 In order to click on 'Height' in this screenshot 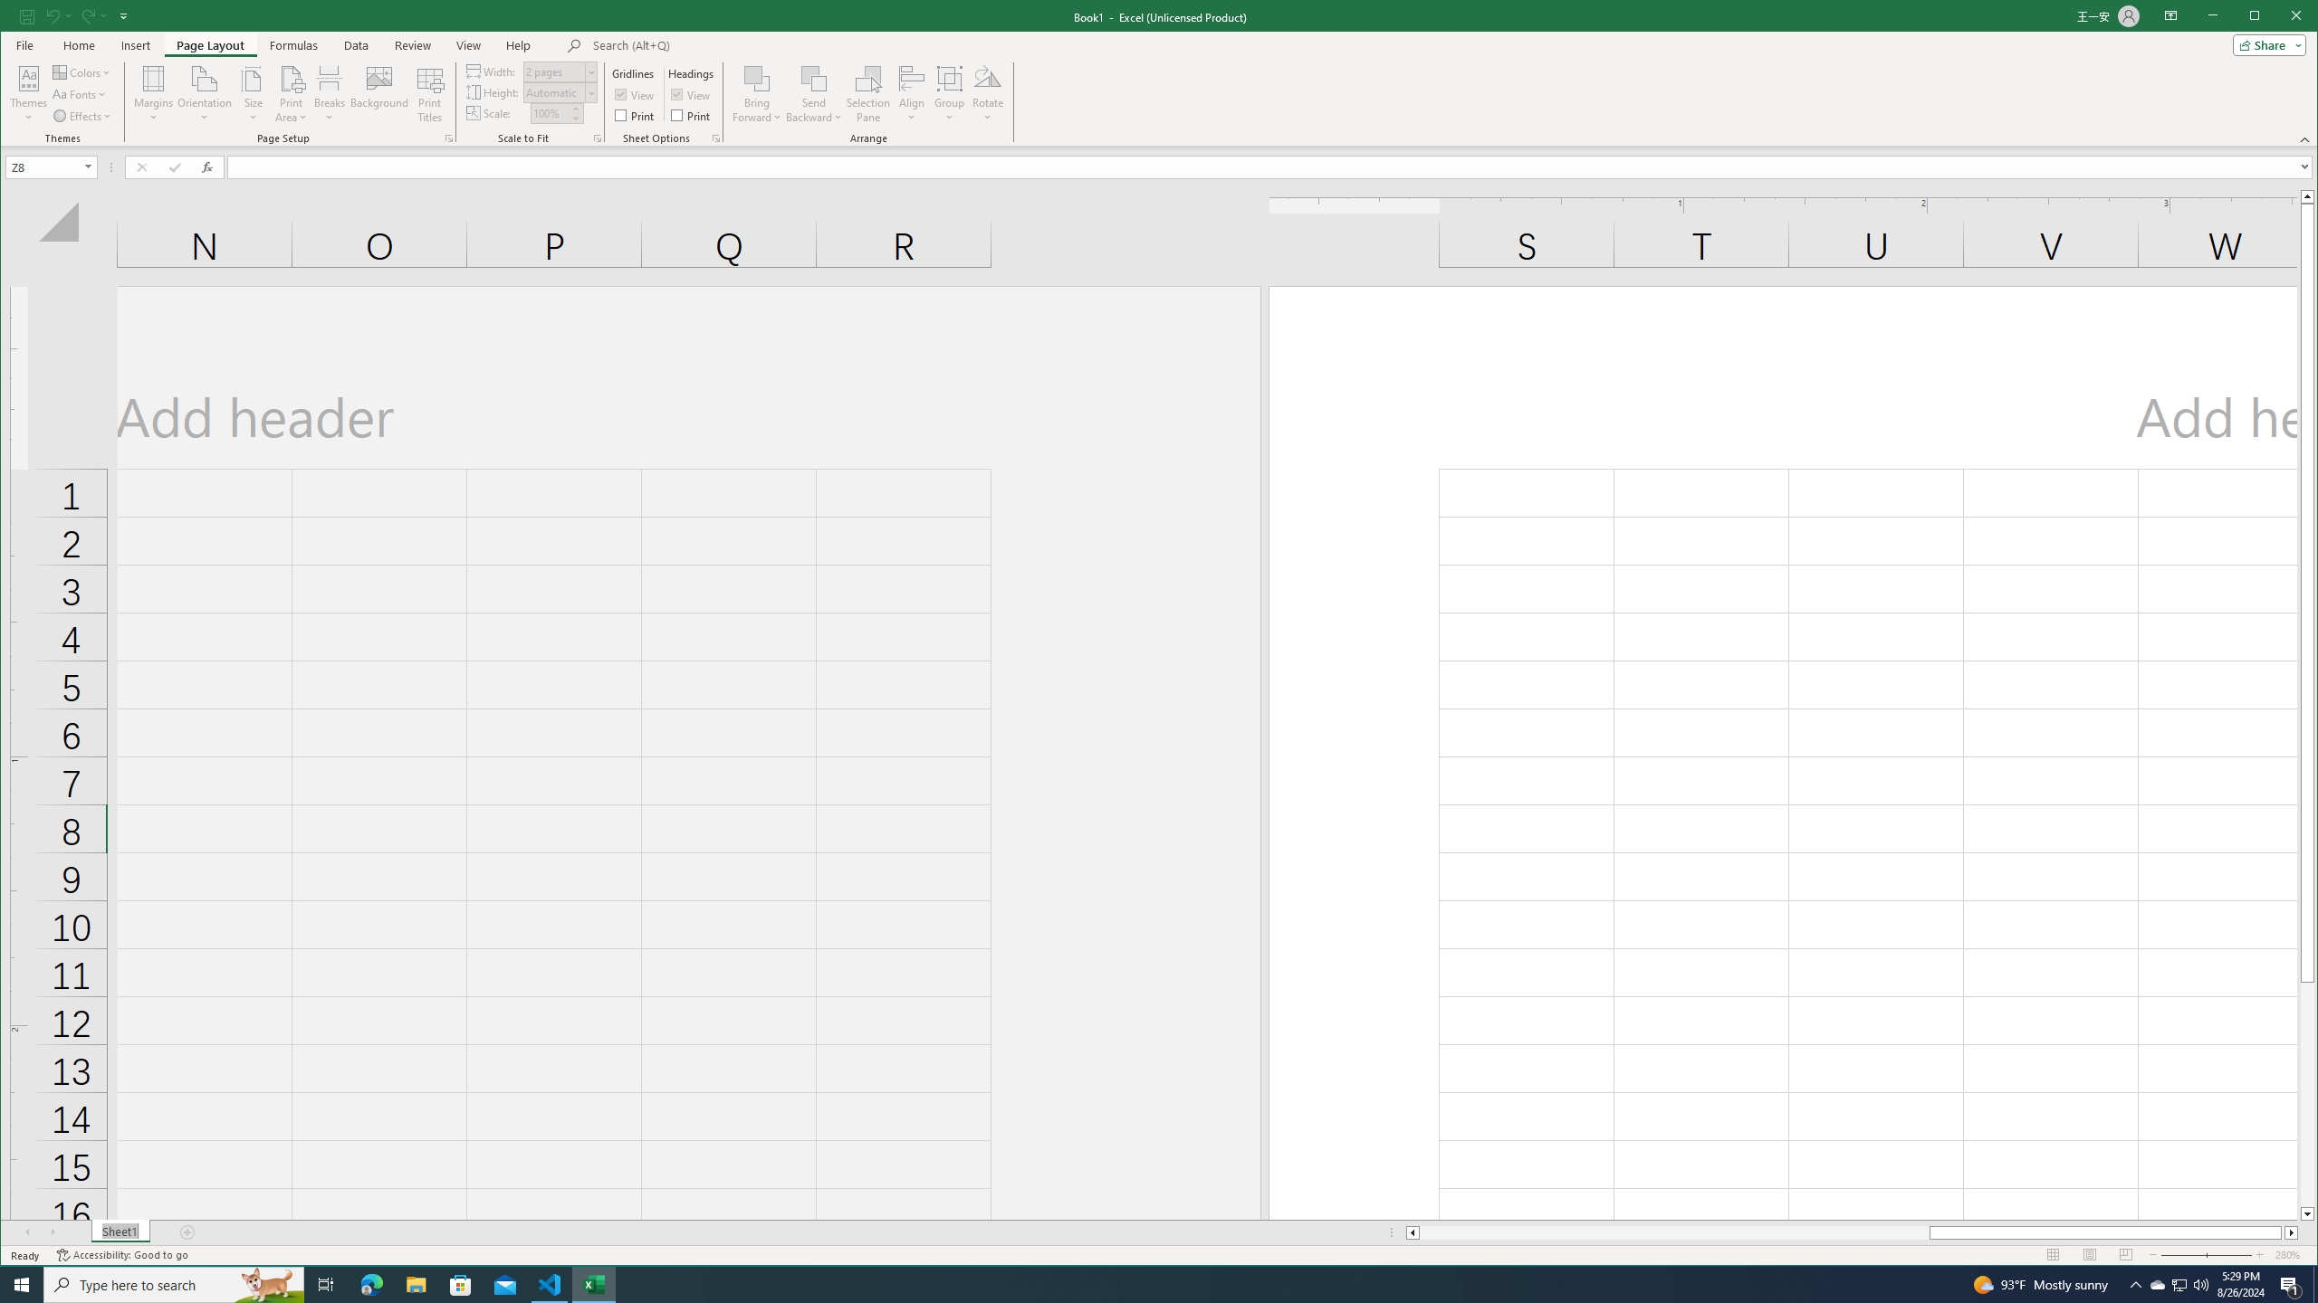, I will do `click(560, 92)`.